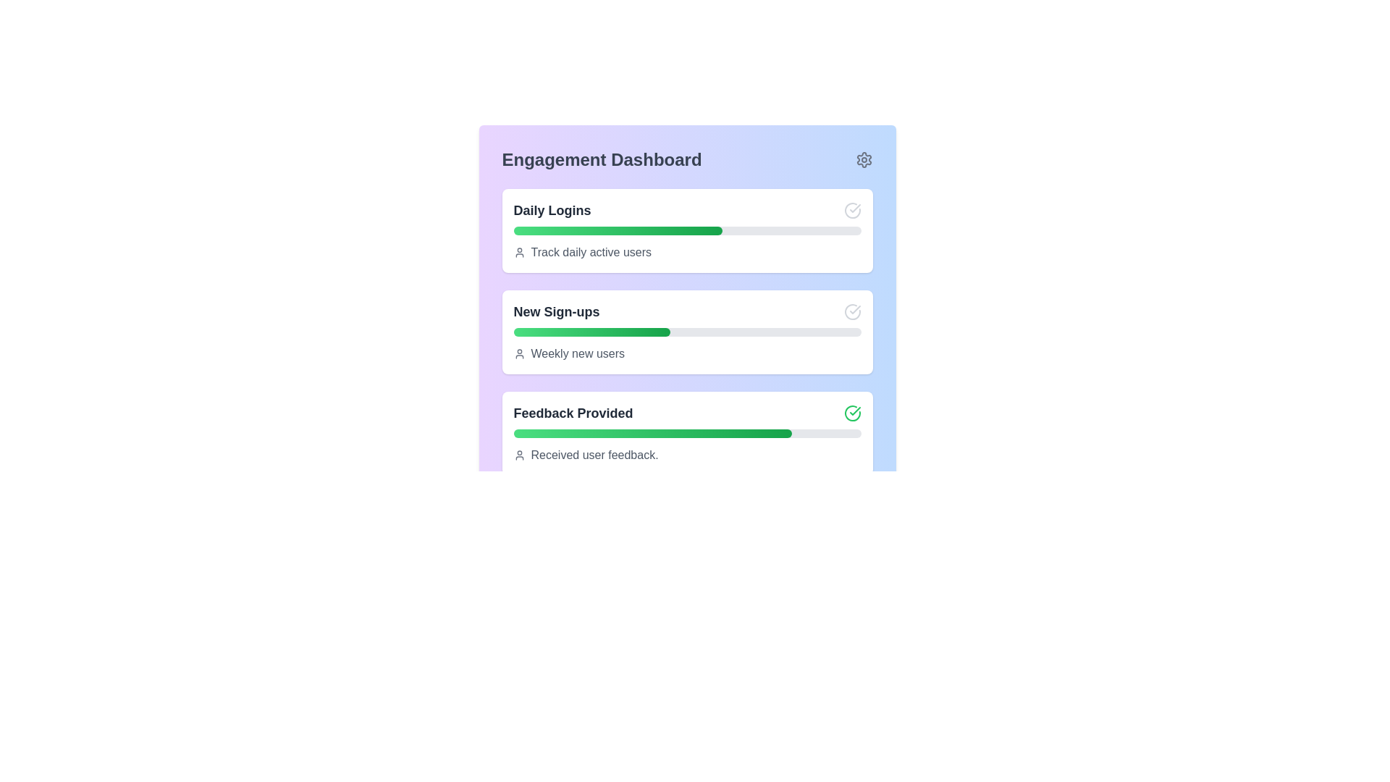  Describe the element at coordinates (686, 230) in the screenshot. I see `the informational card displaying daily login statistics in the Engagement Dashboard` at that location.